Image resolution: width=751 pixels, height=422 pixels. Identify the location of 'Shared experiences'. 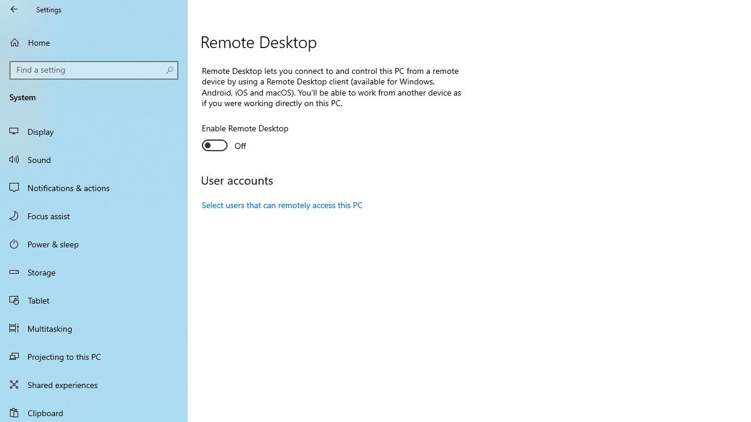
(94, 384).